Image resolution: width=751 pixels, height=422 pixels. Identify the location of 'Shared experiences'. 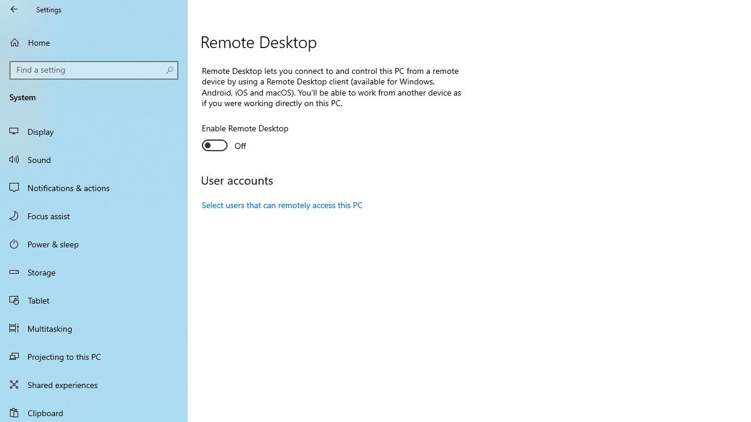
(94, 384).